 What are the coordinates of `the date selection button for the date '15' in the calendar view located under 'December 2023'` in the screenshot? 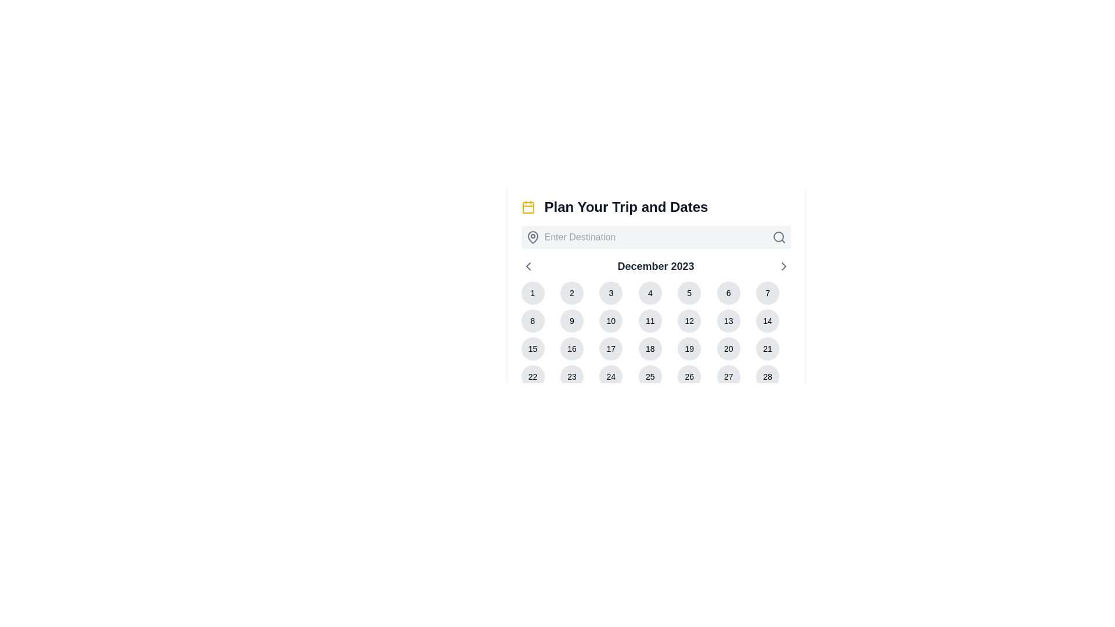 It's located at (532, 348).